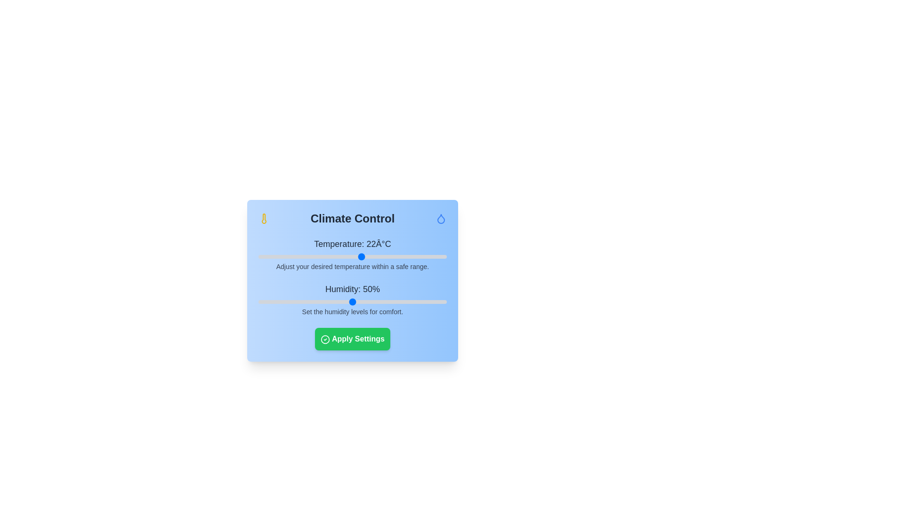 The width and height of the screenshot is (904, 508). I want to click on the temperature, so click(371, 257).